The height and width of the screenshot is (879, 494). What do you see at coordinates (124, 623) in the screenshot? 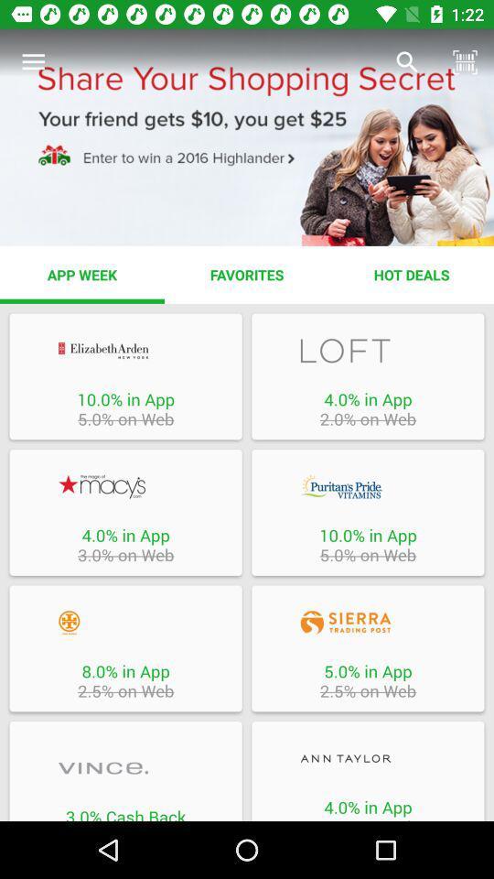
I see `app page` at bounding box center [124, 623].